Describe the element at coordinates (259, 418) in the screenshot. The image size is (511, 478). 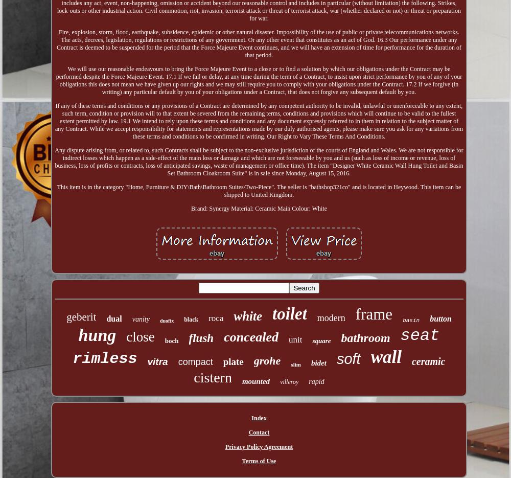
I see `'Index'` at that location.